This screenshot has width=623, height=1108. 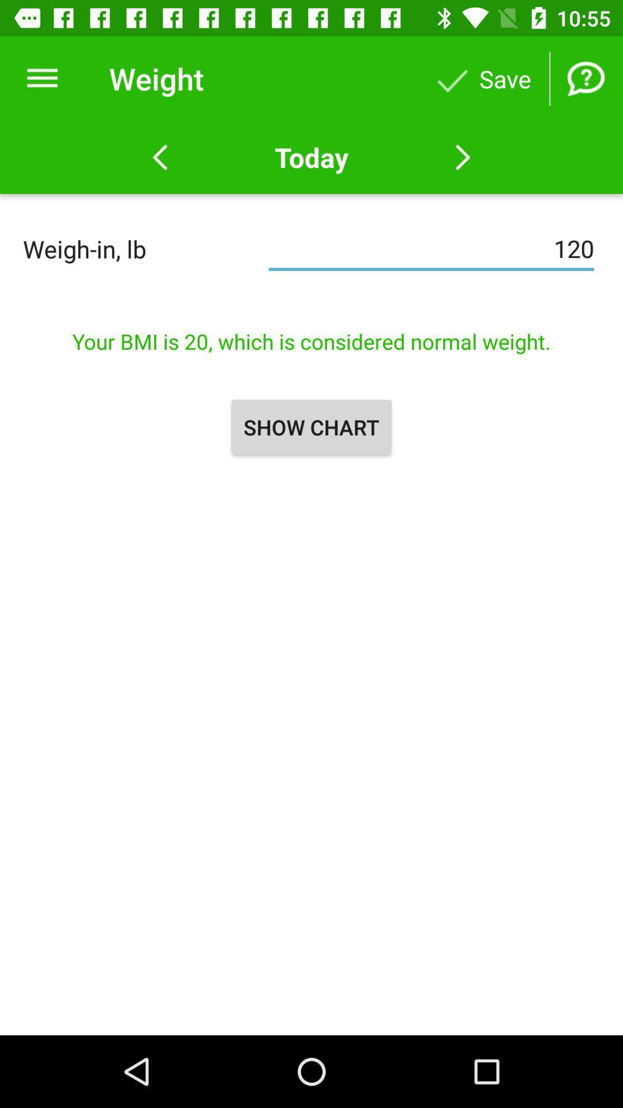 What do you see at coordinates (462, 157) in the screenshot?
I see `the next day` at bounding box center [462, 157].